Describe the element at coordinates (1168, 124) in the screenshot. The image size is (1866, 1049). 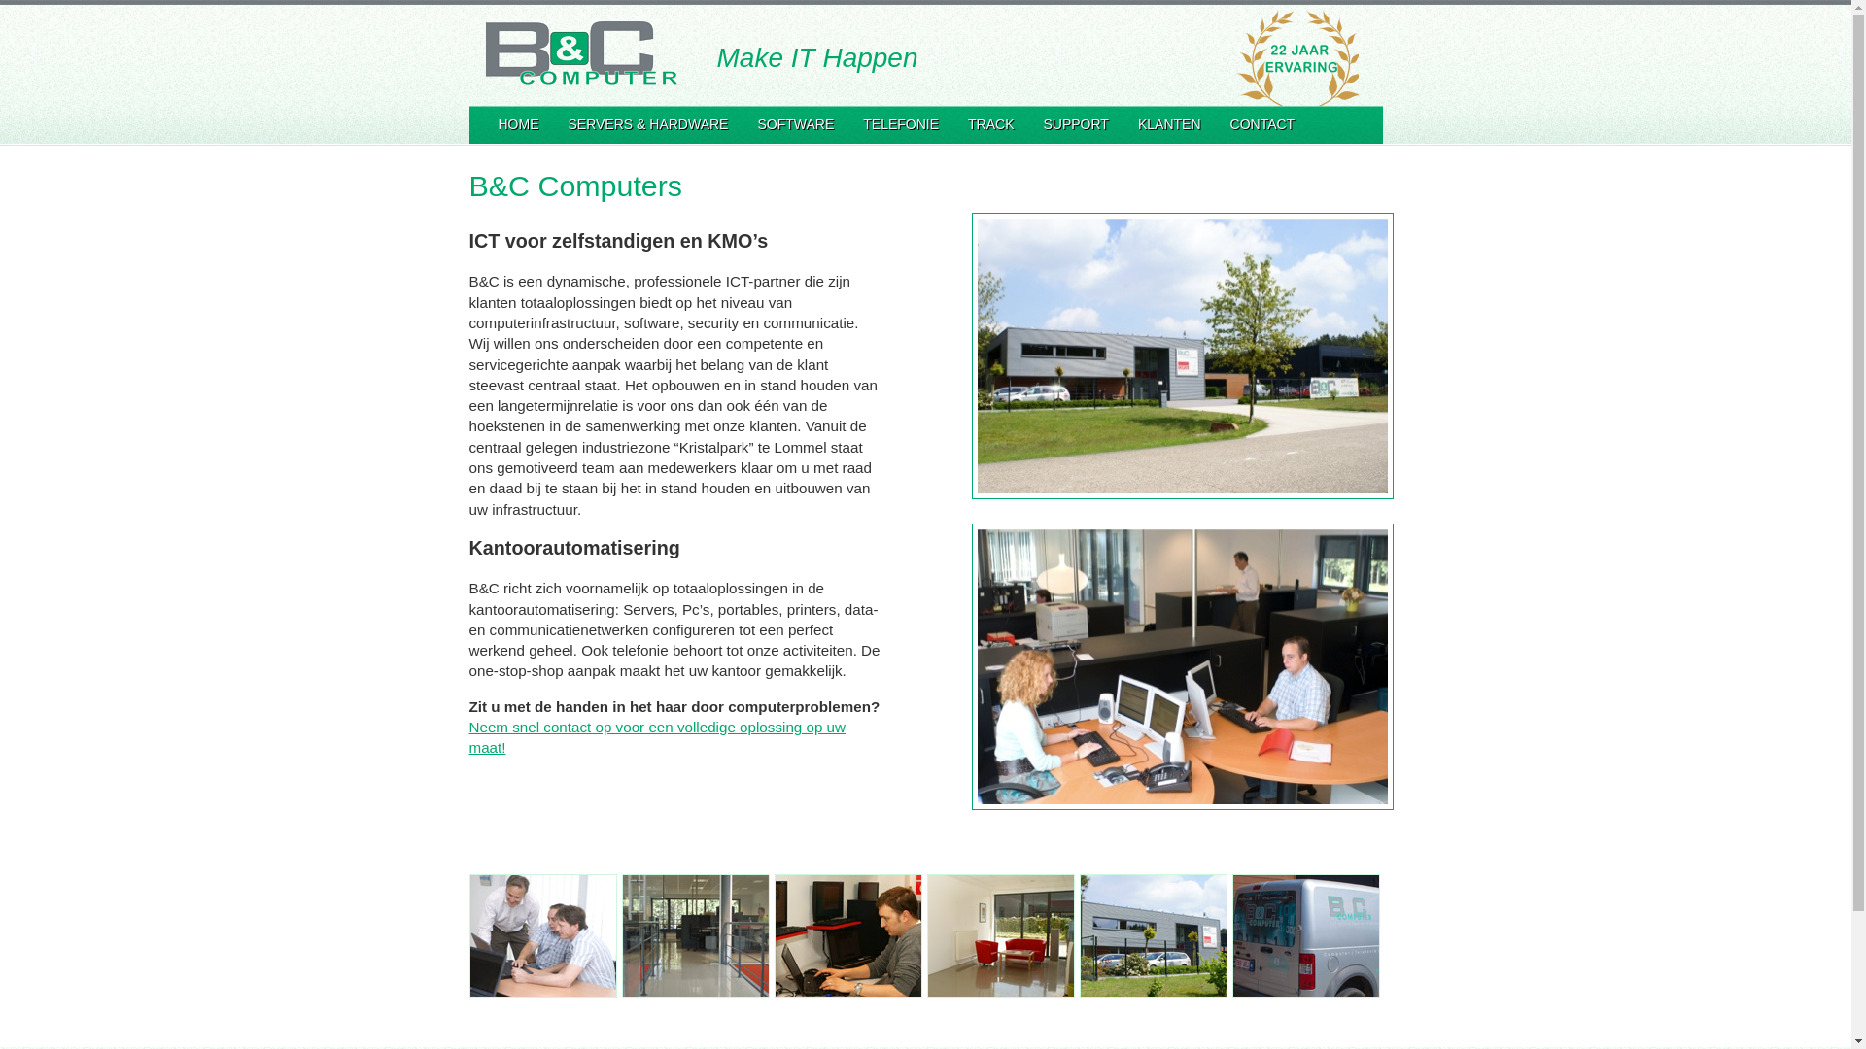
I see `'KLANTEN'` at that location.